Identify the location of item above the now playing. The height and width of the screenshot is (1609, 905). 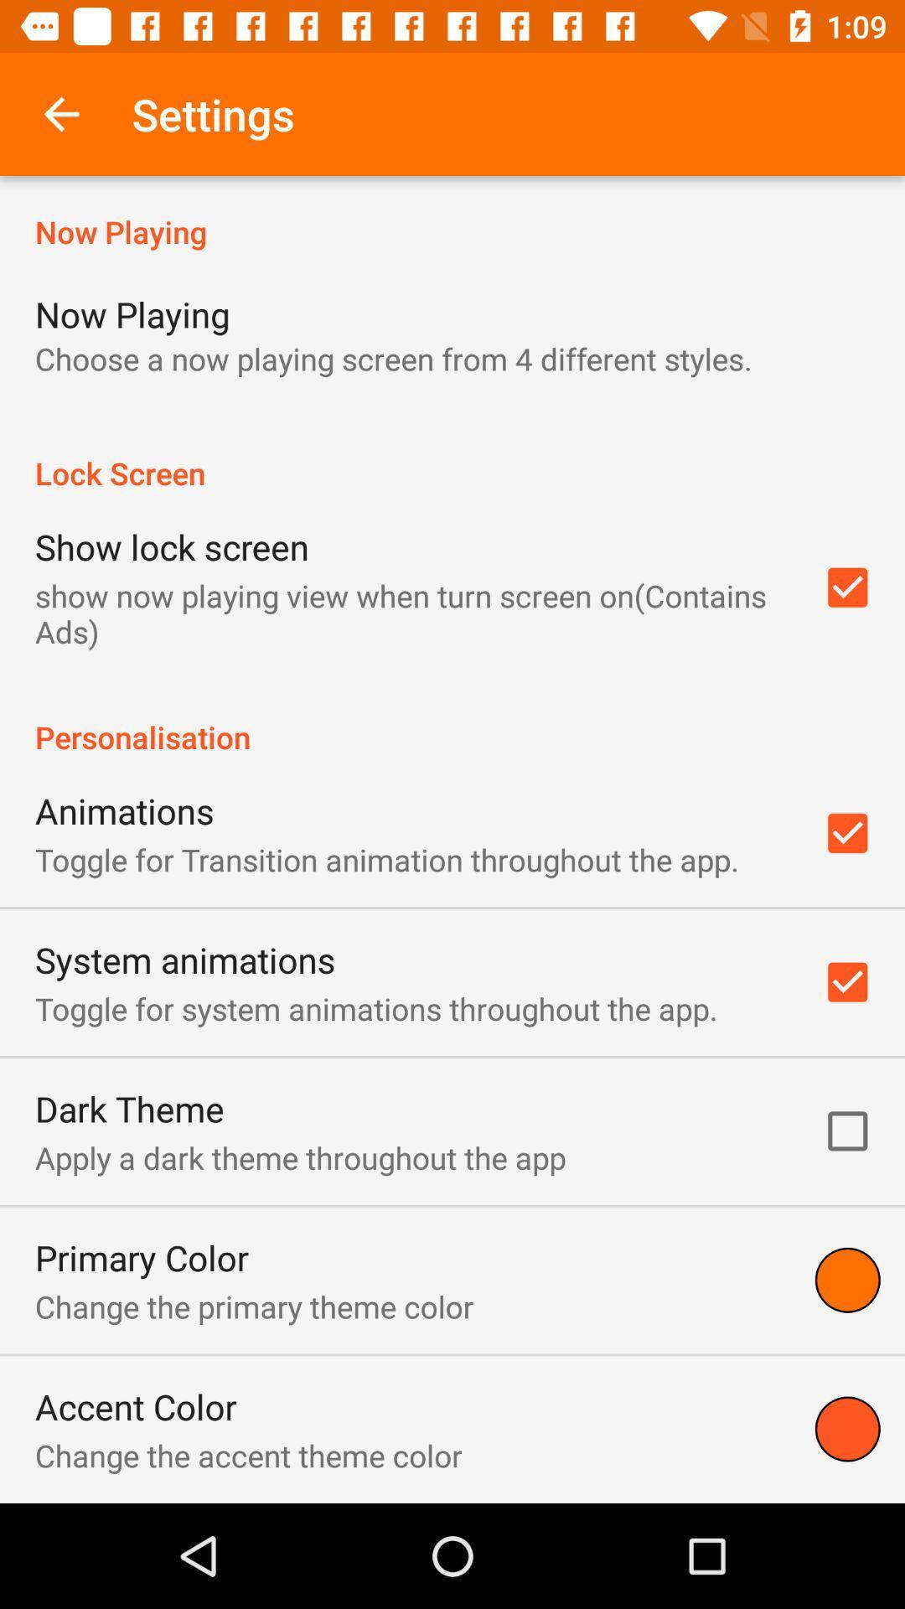
(60, 113).